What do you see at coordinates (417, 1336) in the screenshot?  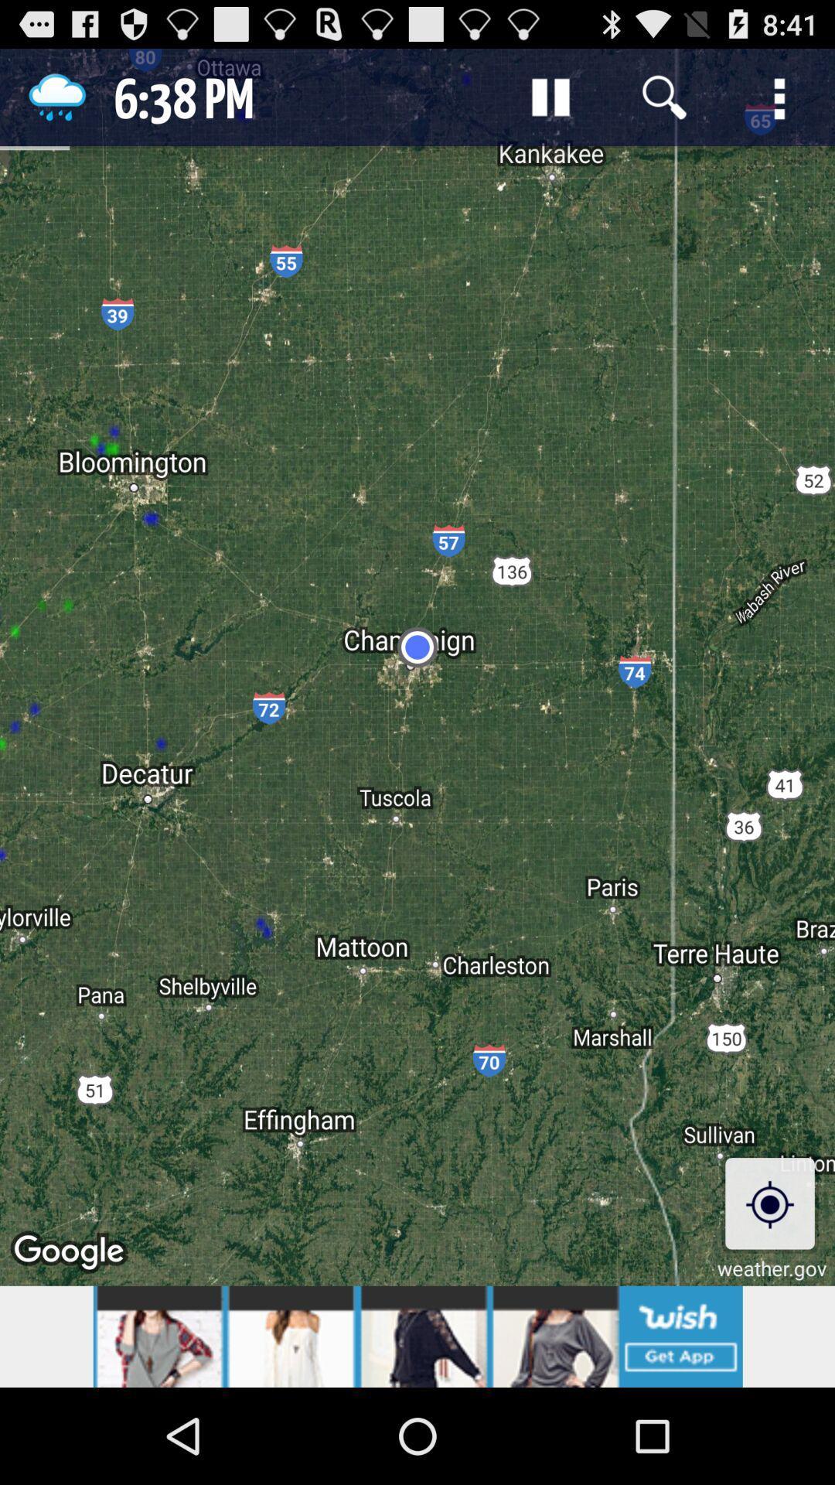 I see `advertisement` at bounding box center [417, 1336].